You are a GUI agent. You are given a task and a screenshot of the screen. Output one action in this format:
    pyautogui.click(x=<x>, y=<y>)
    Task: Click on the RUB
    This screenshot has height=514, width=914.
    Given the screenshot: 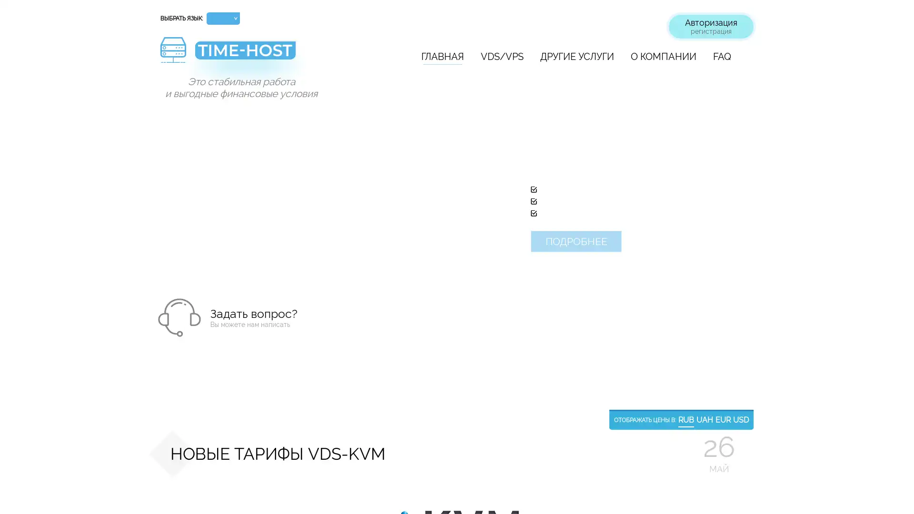 What is the action you would take?
    pyautogui.click(x=686, y=420)
    